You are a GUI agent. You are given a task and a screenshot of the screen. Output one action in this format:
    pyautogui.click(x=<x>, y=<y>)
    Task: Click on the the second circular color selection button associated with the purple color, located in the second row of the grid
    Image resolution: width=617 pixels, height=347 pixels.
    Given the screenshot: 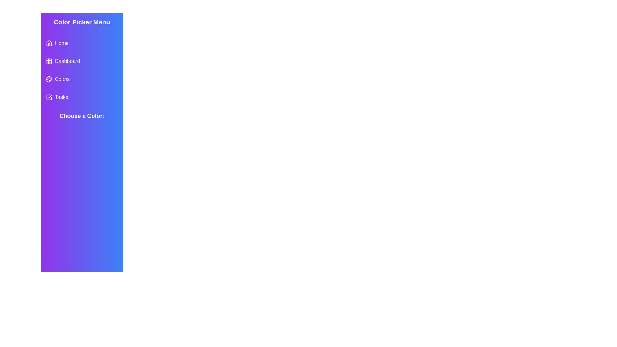 What is the action you would take?
    pyautogui.click(x=77, y=145)
    